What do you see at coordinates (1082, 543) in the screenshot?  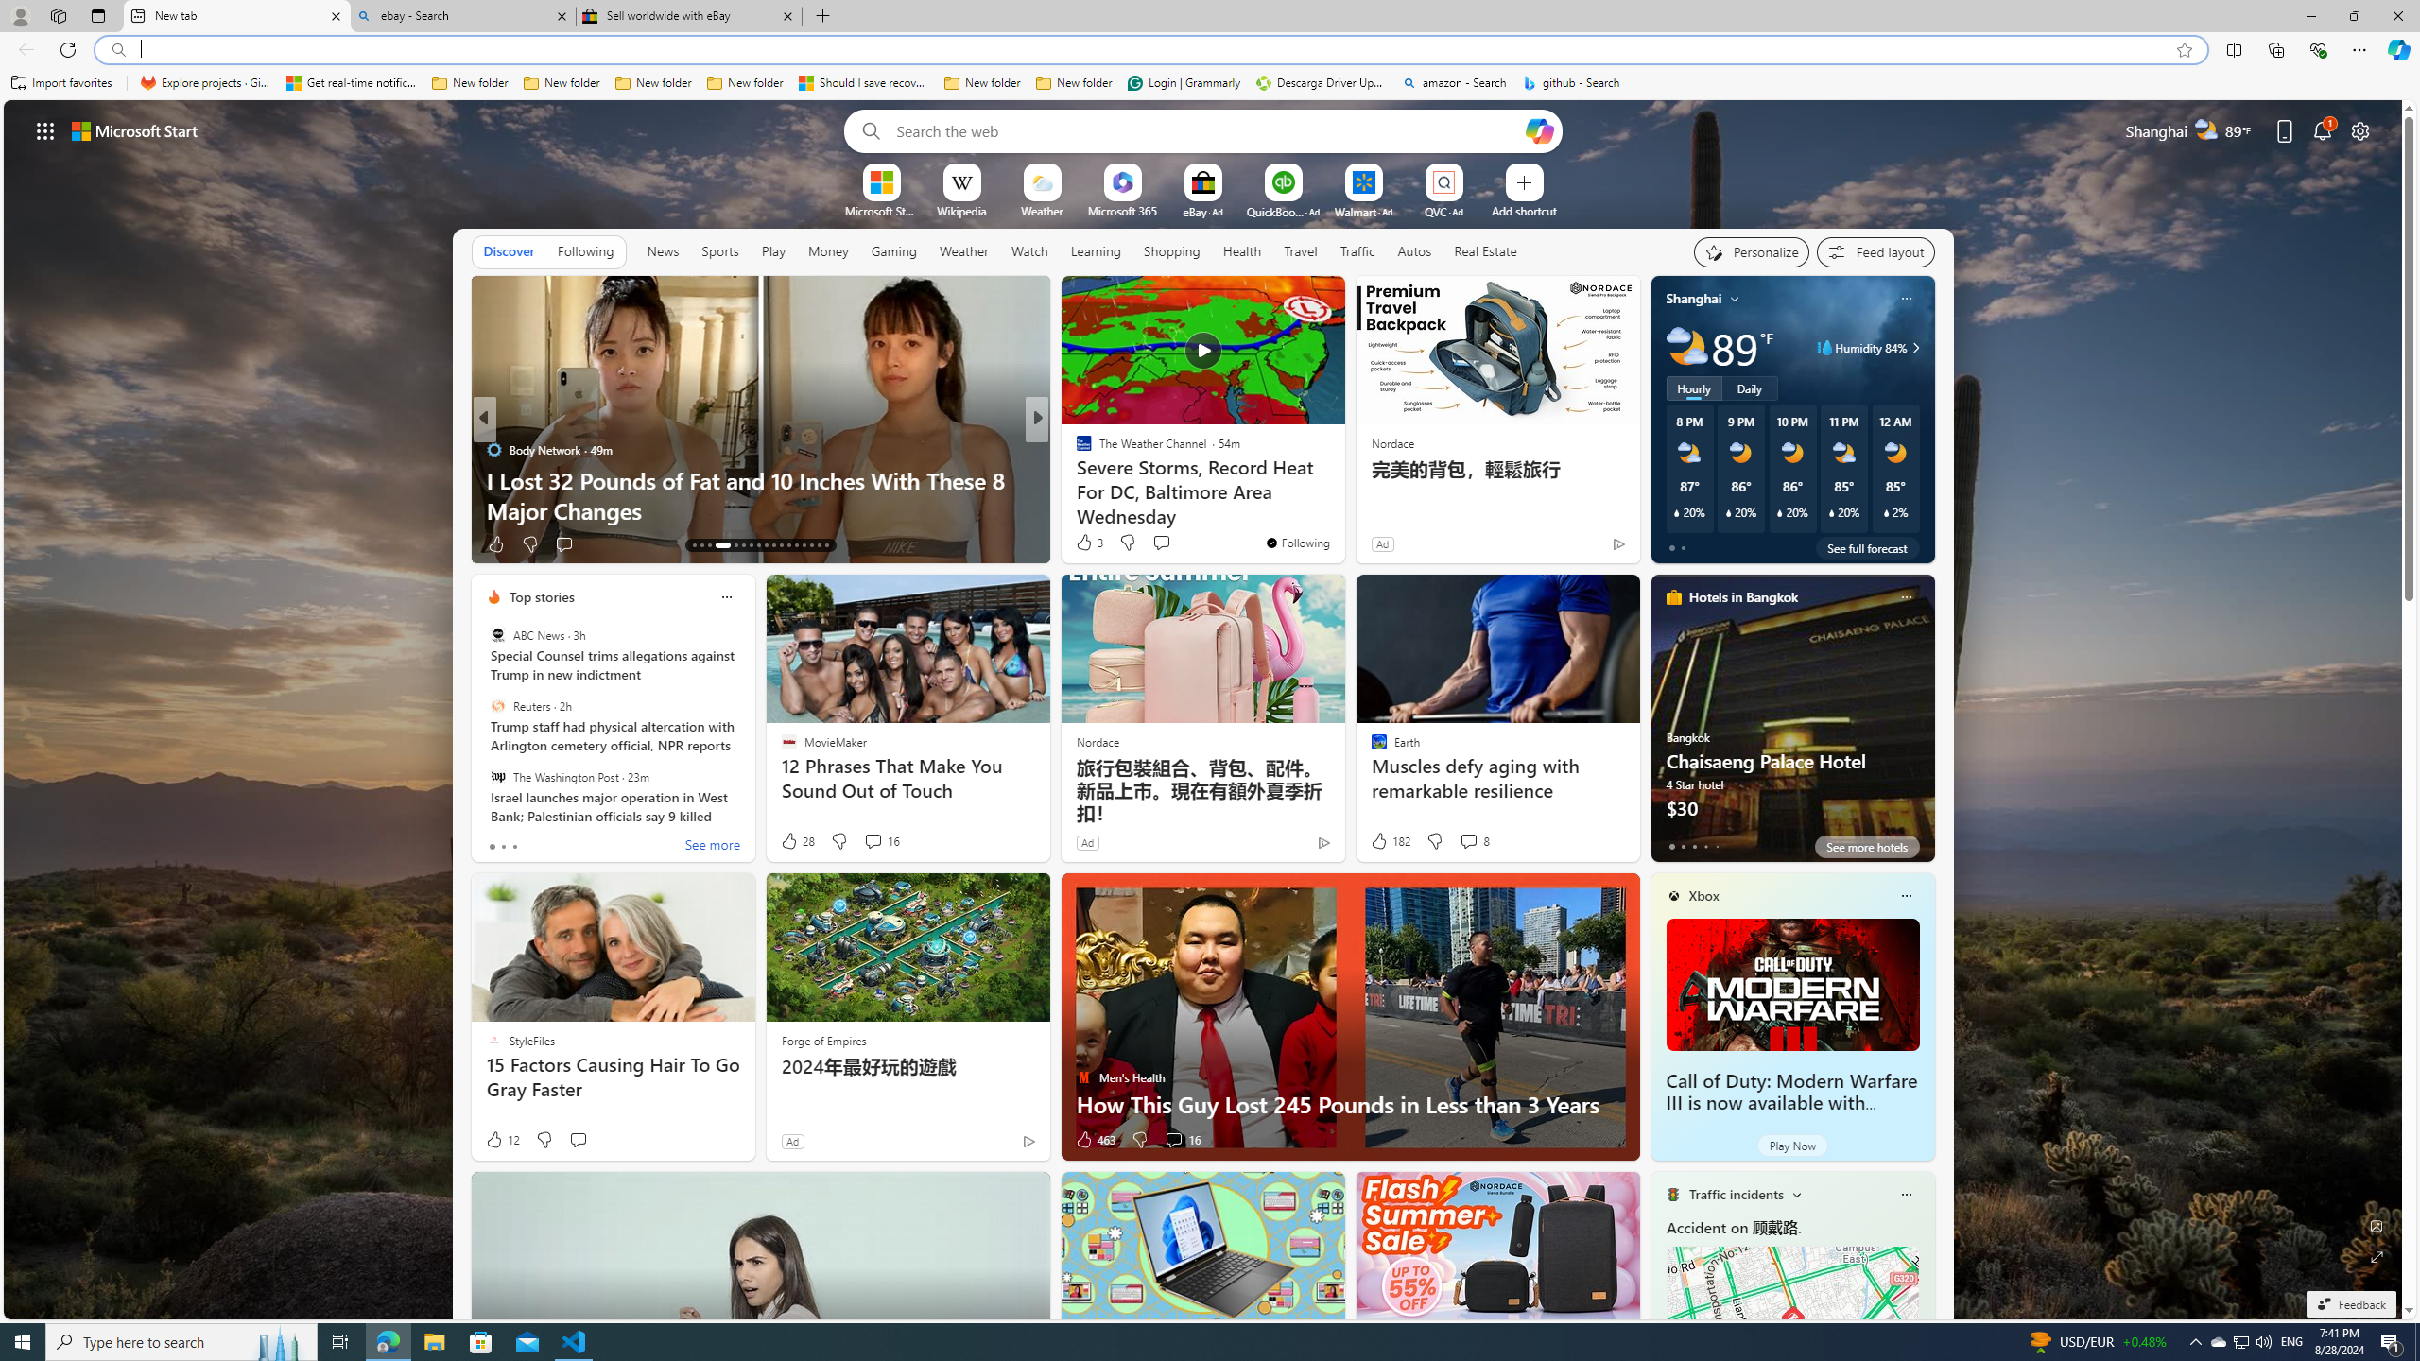 I see `'7 Like'` at bounding box center [1082, 543].